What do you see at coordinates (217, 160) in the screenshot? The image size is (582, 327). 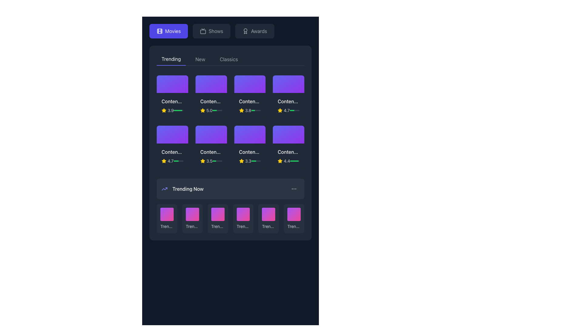 I see `the horizontal progress bar located in the middle row and third column of the 'Trending' section, which has a gray background and a green filled section indicating progress` at bounding box center [217, 160].